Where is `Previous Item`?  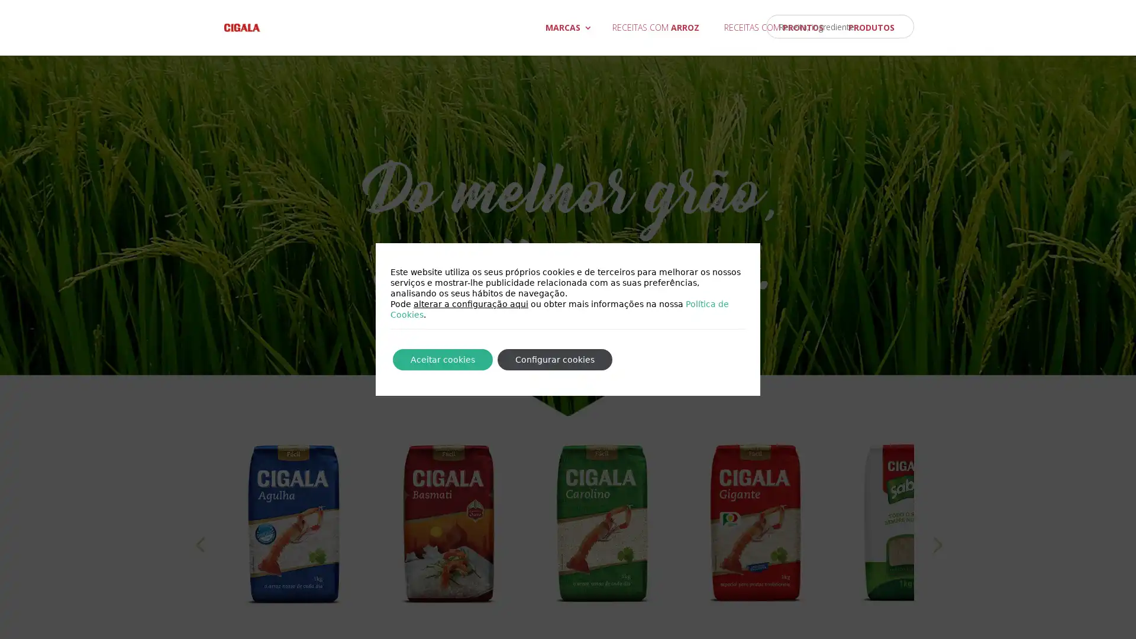
Previous Item is located at coordinates (935, 559).